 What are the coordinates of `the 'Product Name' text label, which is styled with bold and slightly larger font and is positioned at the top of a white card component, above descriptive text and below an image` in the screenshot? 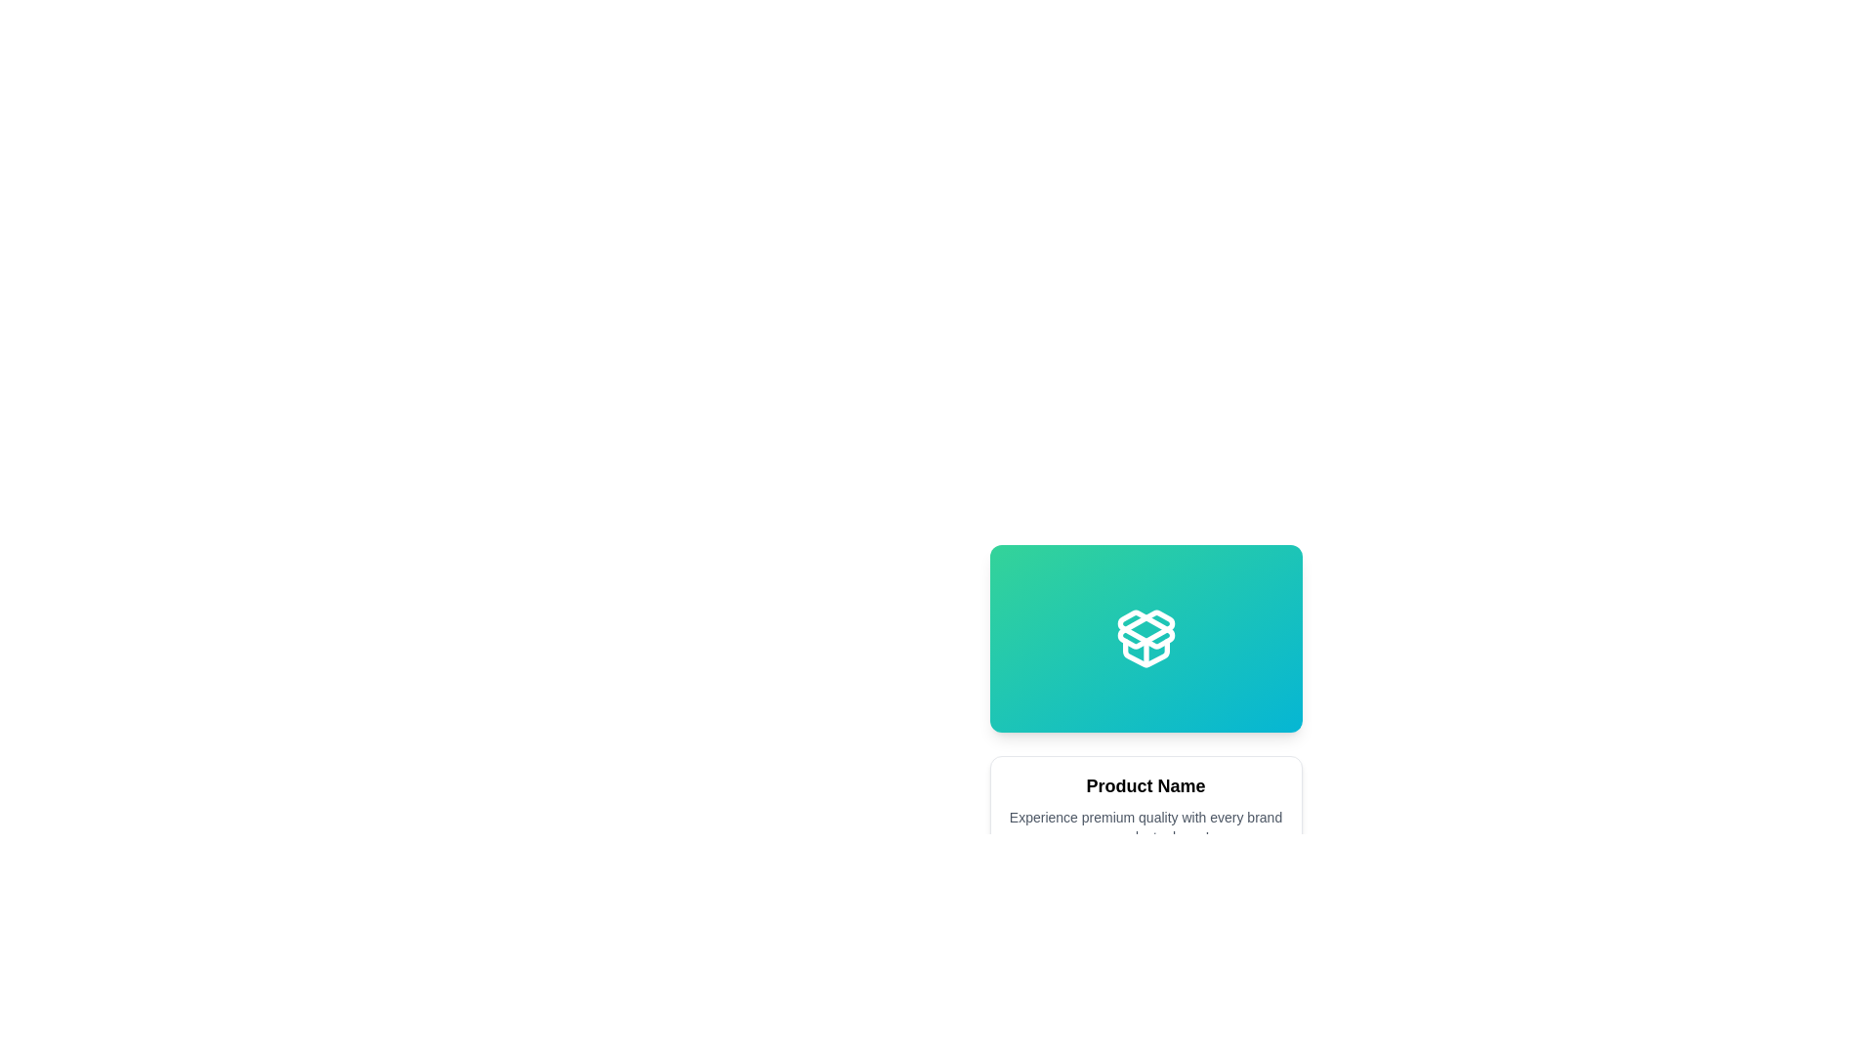 It's located at (1146, 785).